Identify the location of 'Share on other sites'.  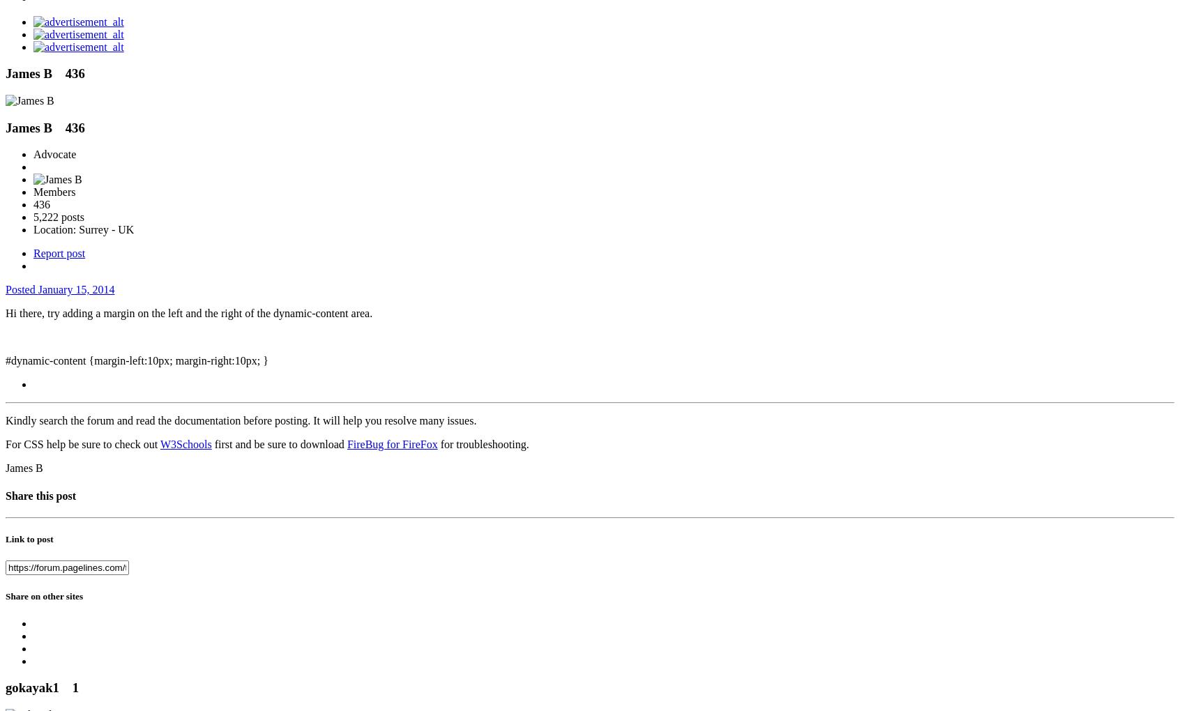
(43, 595).